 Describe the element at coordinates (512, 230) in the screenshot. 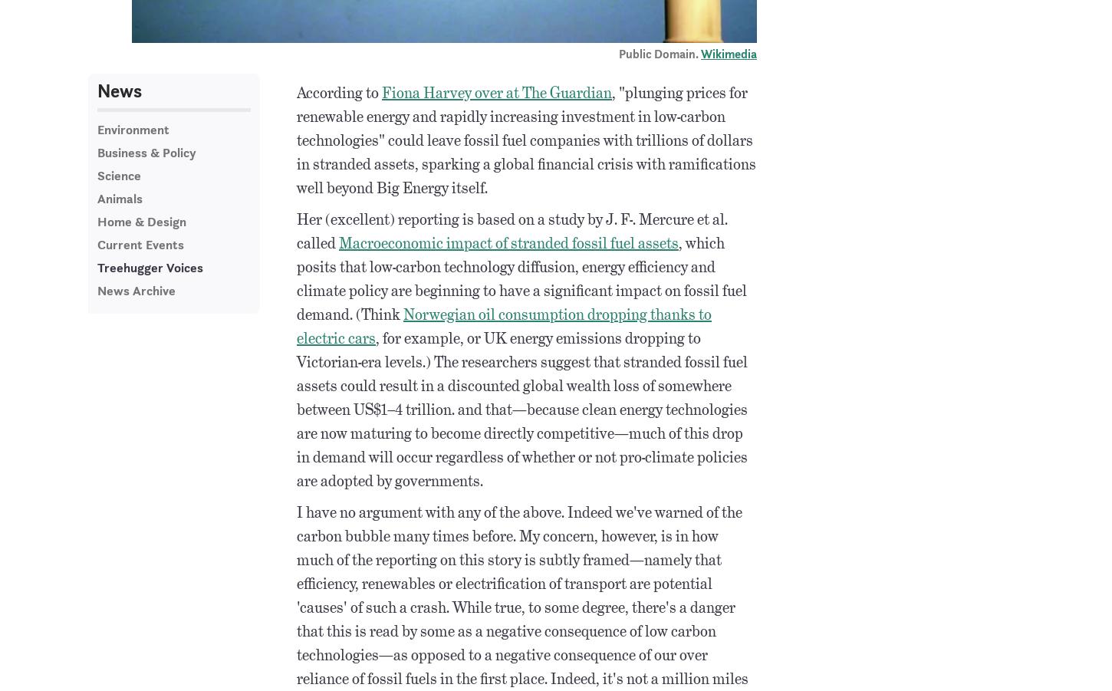

I see `'Her (excellent) reporting is based on a study by J. F-. Mercure et al. called'` at that location.